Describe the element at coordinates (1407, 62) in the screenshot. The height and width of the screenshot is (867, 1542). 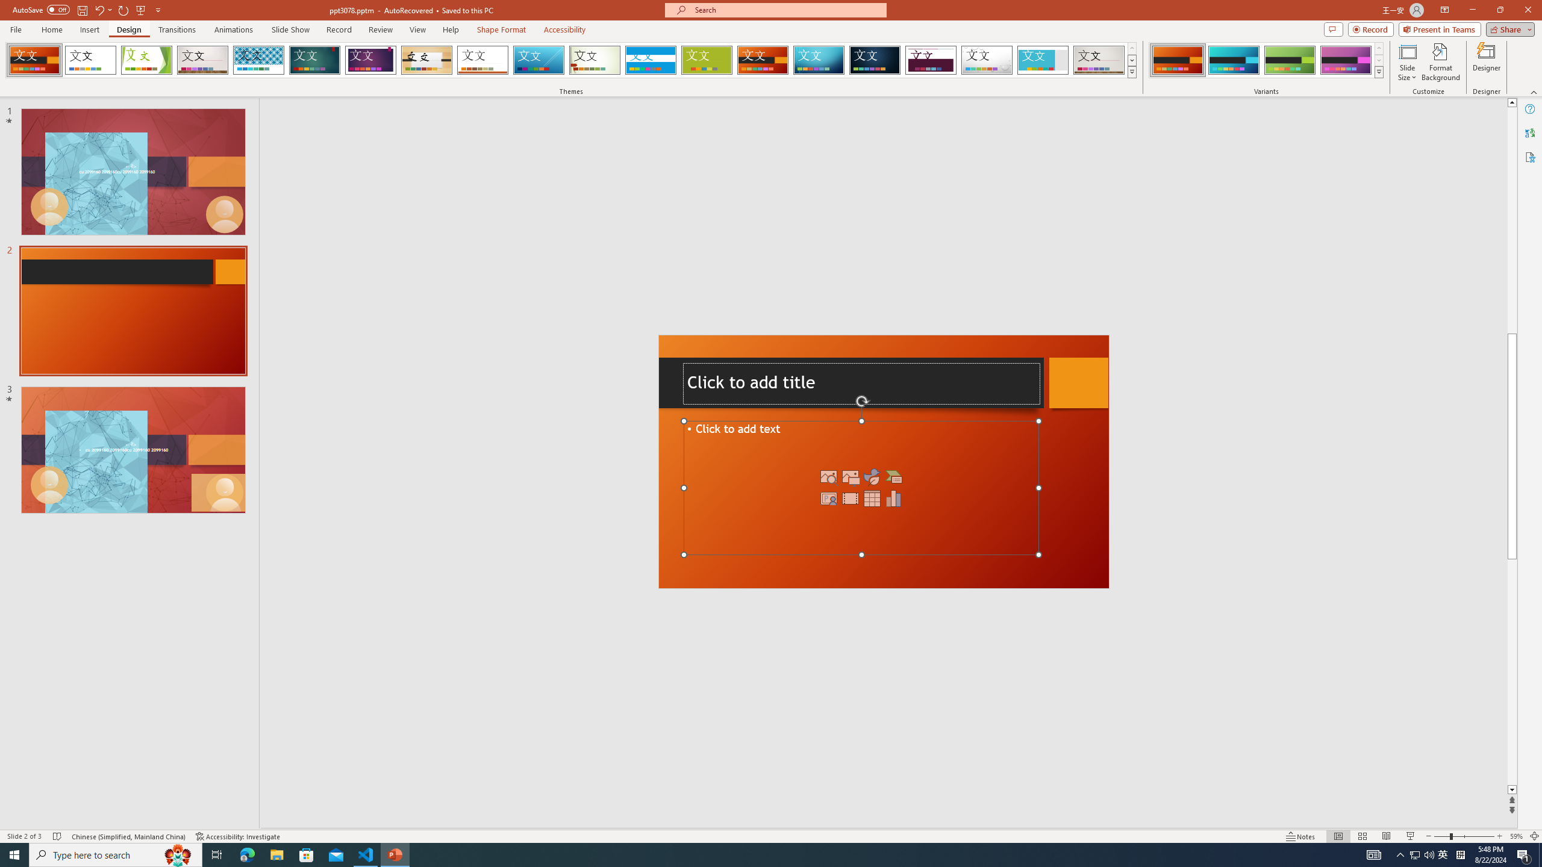
I see `'Slide Size'` at that location.